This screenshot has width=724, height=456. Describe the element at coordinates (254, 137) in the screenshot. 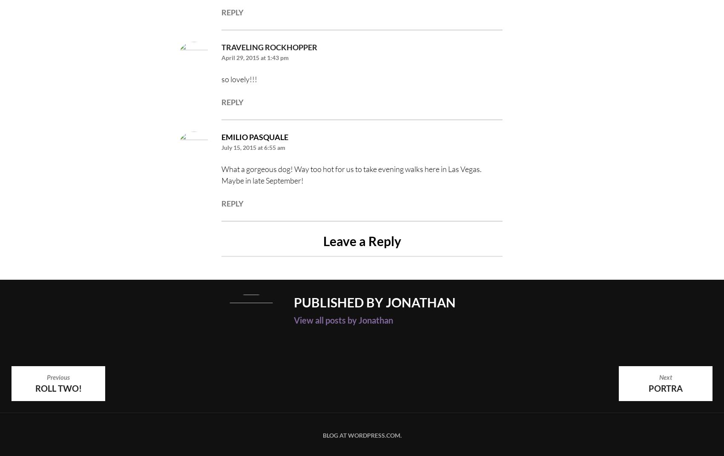

I see `'Emilio Pasquale'` at that location.